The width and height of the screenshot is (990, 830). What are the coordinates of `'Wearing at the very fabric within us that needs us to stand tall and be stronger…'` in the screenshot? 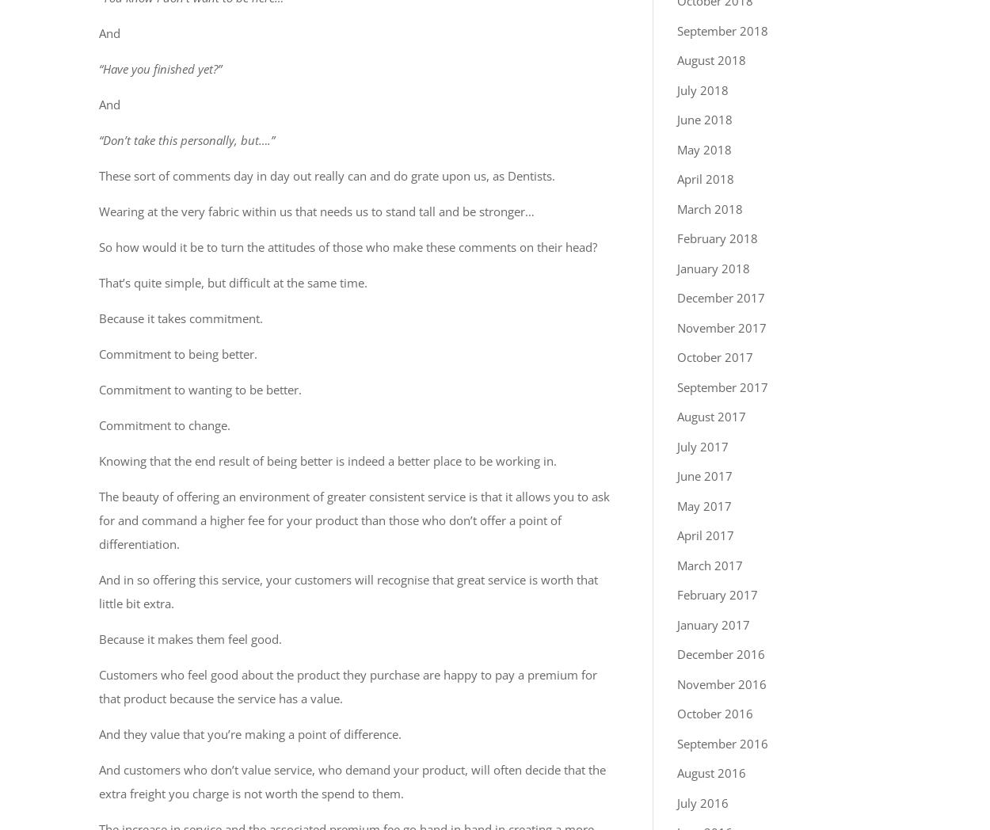 It's located at (99, 209).